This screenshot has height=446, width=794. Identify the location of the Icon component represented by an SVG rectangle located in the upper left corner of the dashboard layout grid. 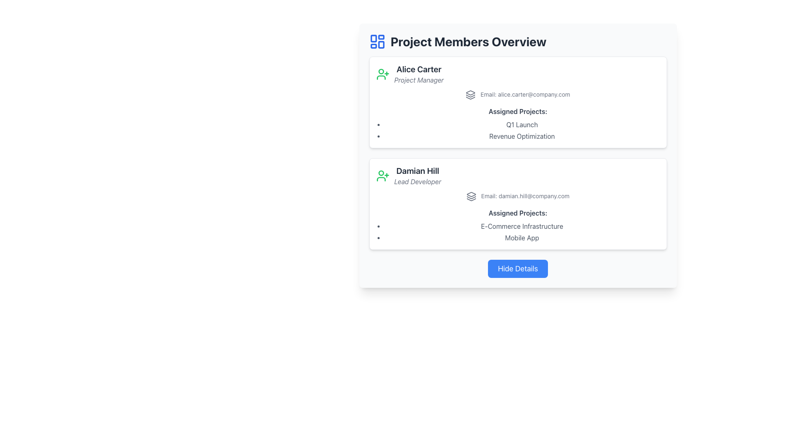
(373, 38).